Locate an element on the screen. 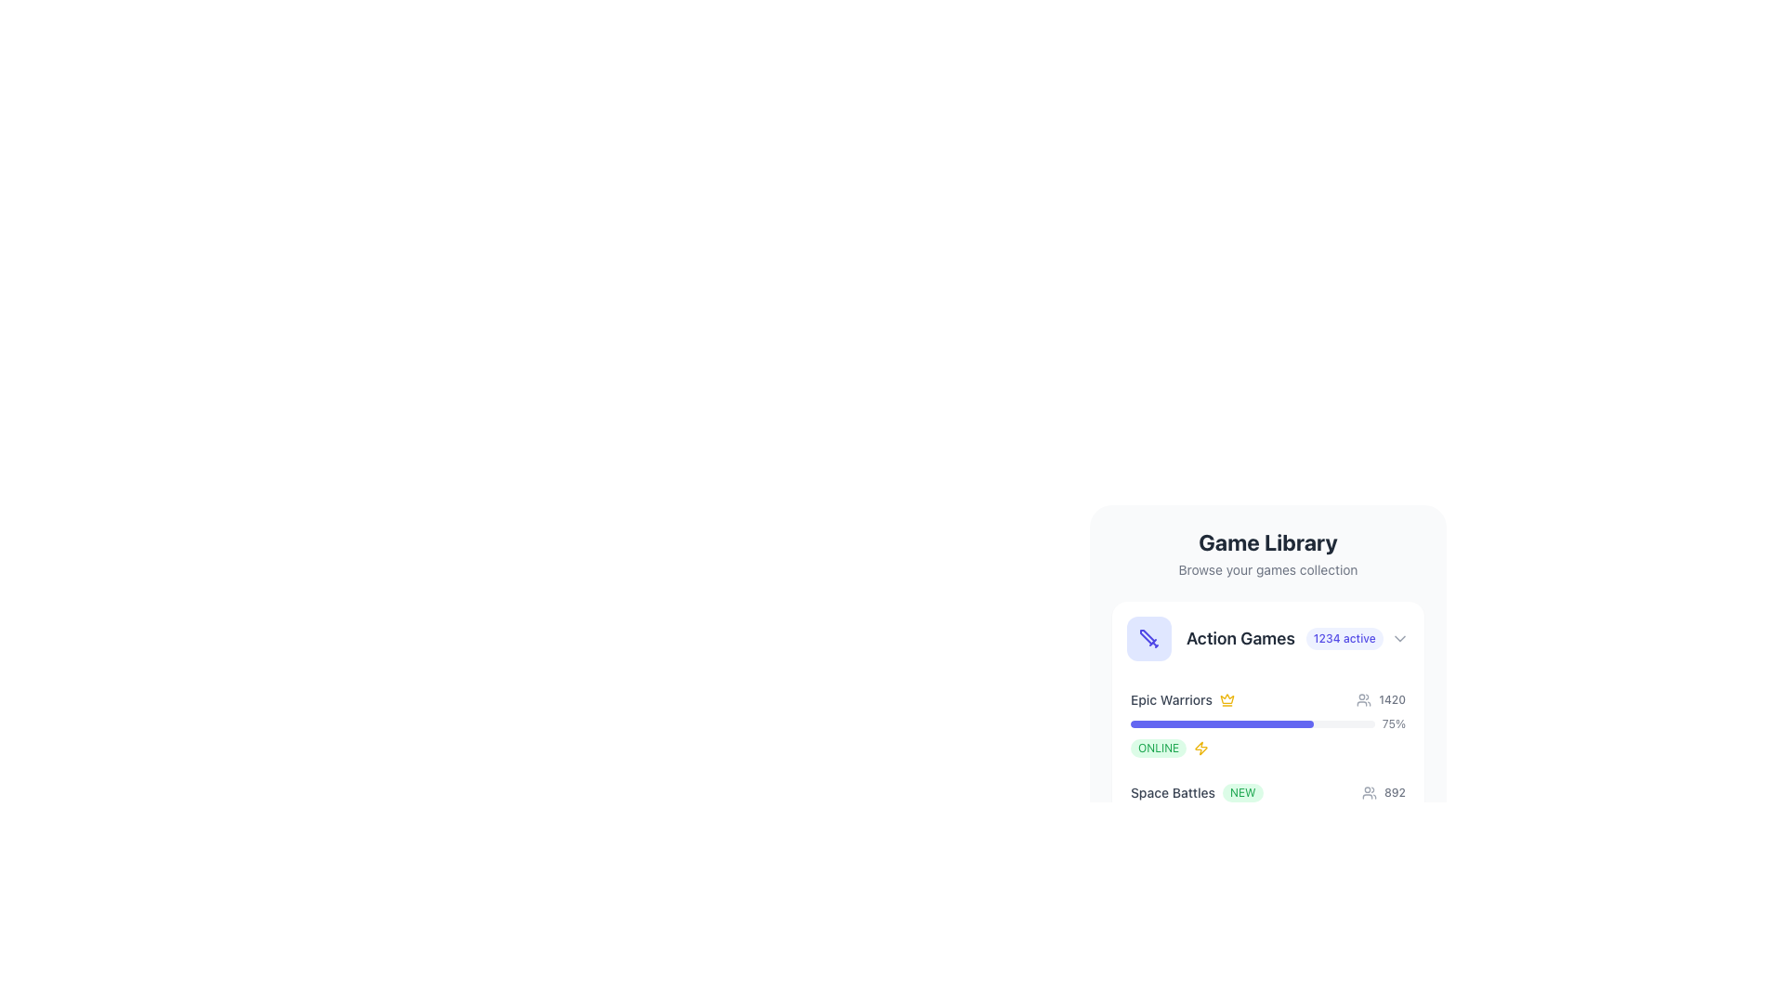 This screenshot has width=1784, height=1003. the main heading or title for the section related to the user's game library, which is positioned near the top center of the grouped interface panel is located at coordinates (1266, 541).